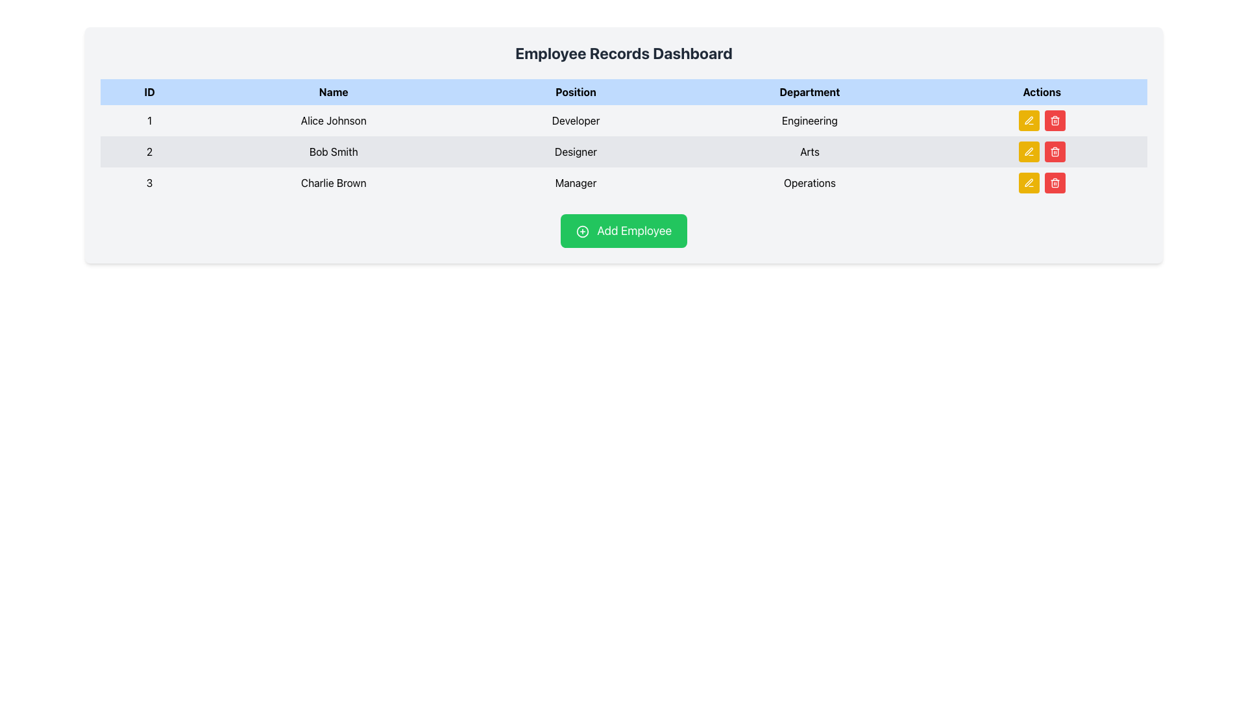  Describe the element at coordinates (1028, 151) in the screenshot. I see `the first button in the 'Actions' column for employee 'Bob Smith' in the 'Employee Records Dashboard'` at that location.